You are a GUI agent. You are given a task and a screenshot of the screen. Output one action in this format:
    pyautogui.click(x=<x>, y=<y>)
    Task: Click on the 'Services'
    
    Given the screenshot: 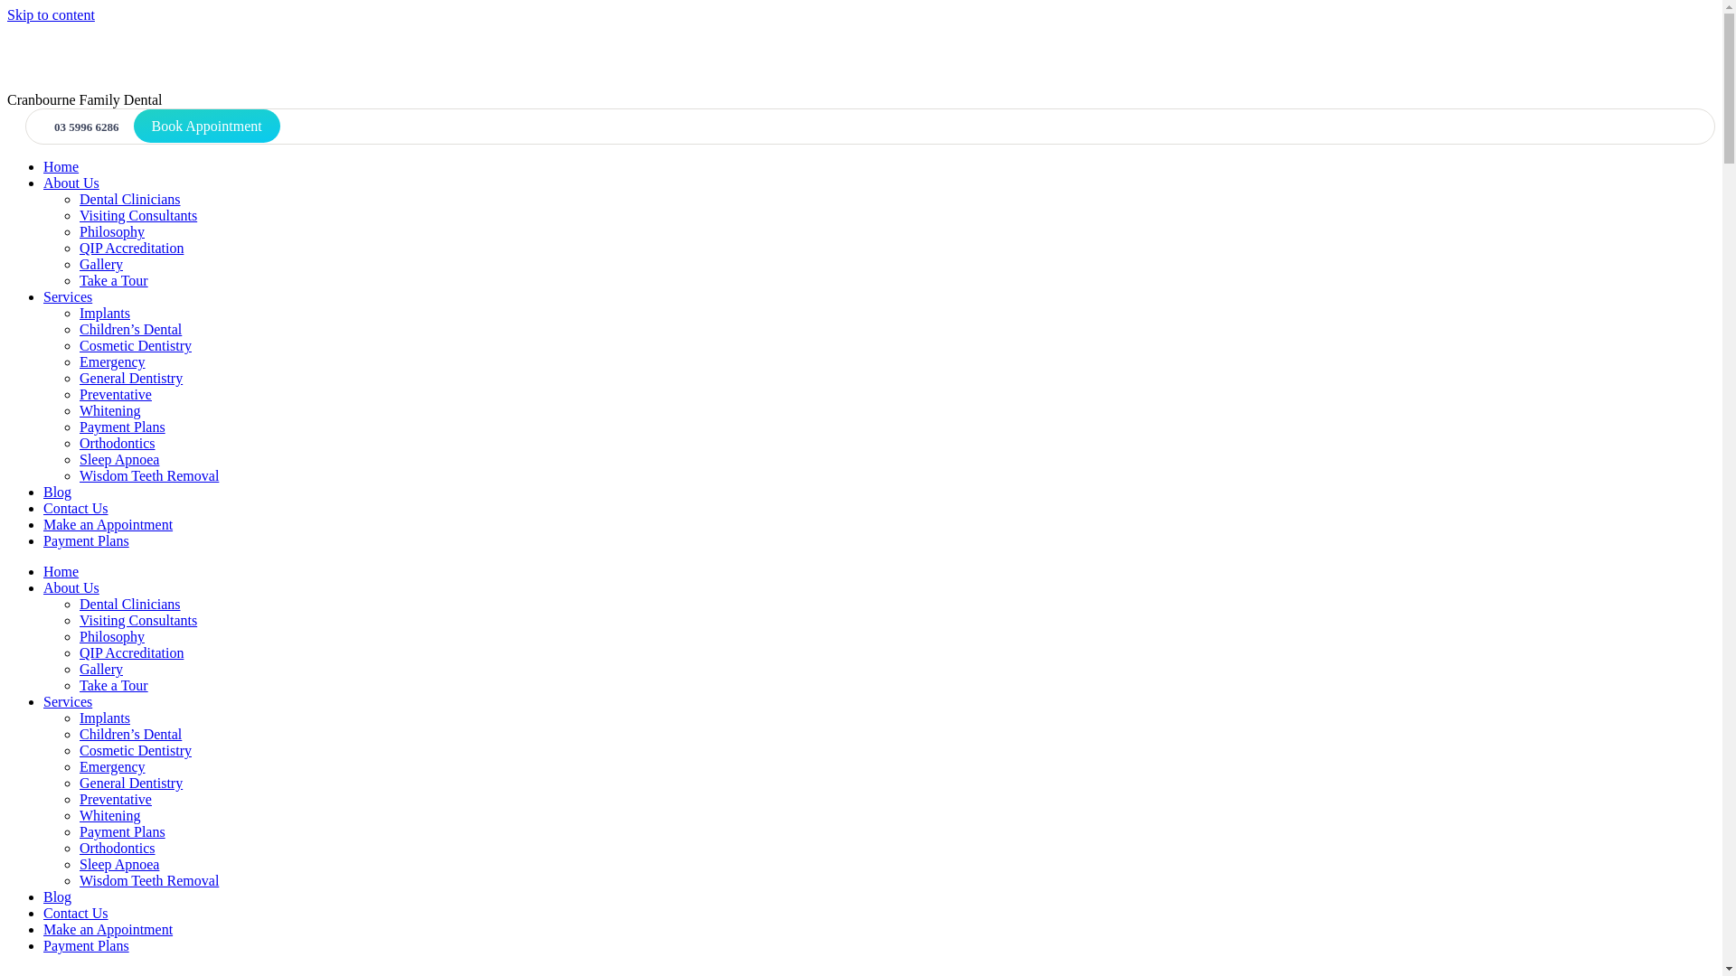 What is the action you would take?
    pyautogui.click(x=68, y=296)
    